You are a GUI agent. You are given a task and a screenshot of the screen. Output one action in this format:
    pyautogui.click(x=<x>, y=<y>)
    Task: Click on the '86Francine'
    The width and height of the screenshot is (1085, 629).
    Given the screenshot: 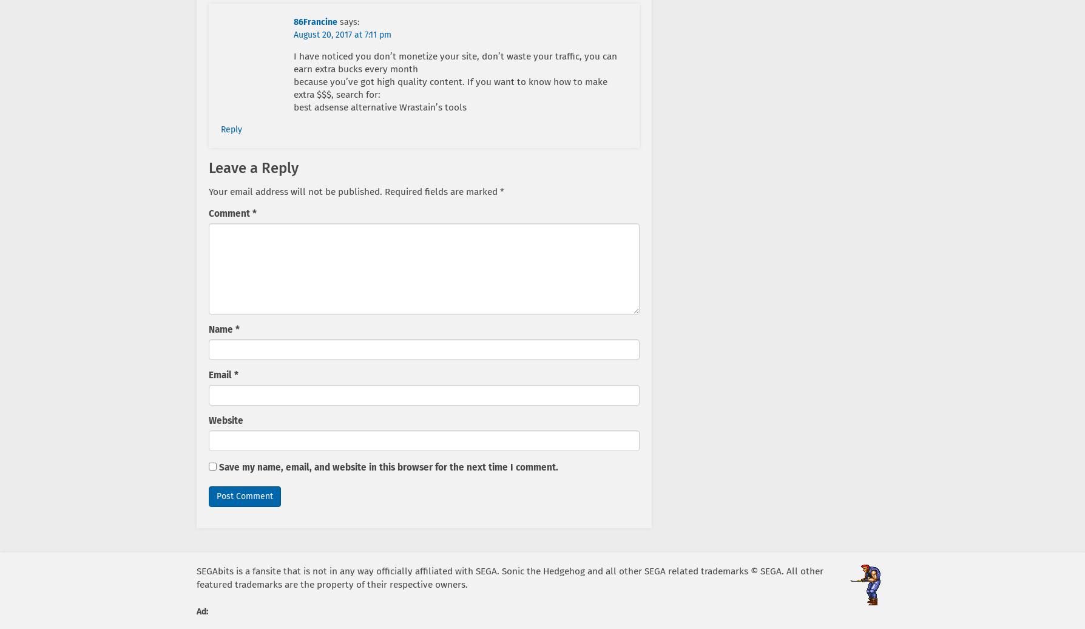 What is the action you would take?
    pyautogui.click(x=315, y=22)
    